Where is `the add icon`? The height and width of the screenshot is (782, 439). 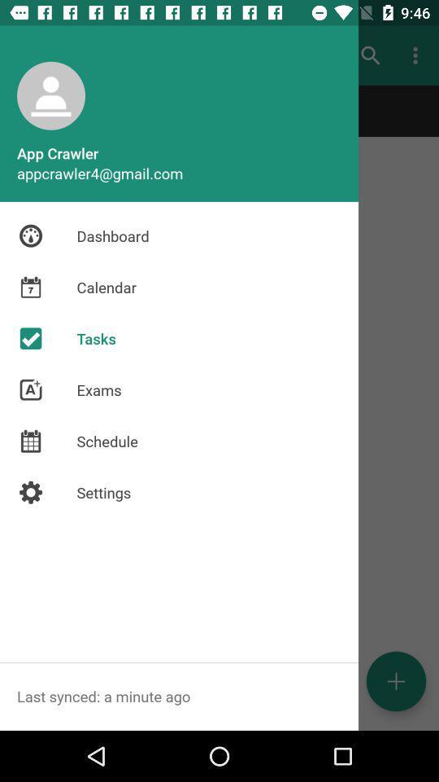 the add icon is located at coordinates (395, 681).